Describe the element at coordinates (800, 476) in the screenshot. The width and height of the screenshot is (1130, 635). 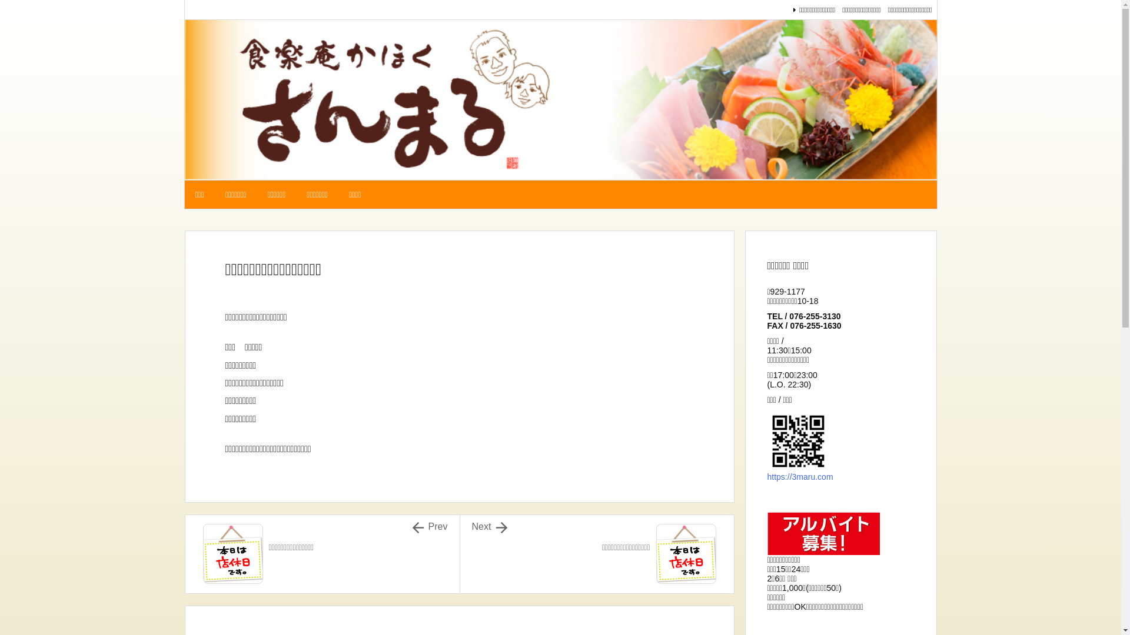
I see `'https://3maru.com'` at that location.